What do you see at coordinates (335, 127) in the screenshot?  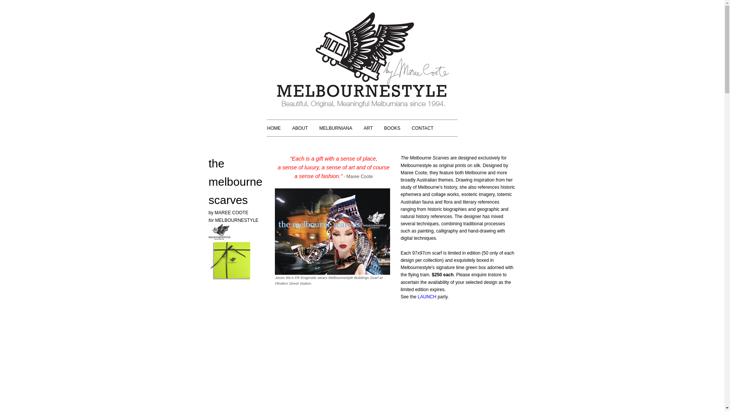 I see `'MELBURNIANA'` at bounding box center [335, 127].